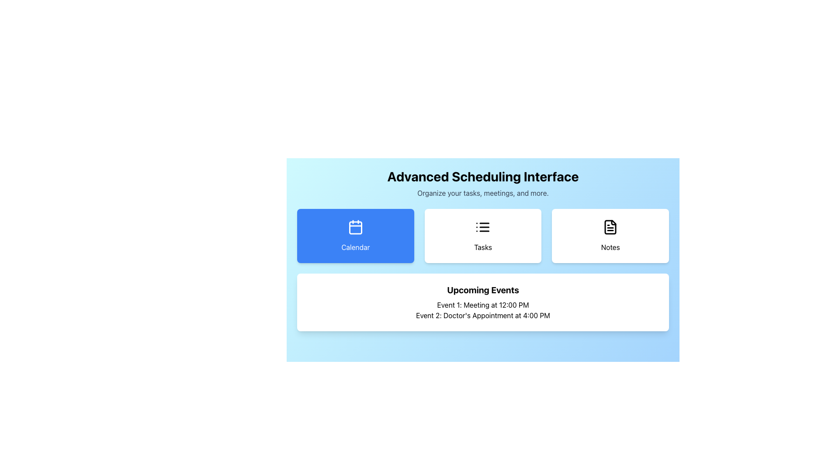  I want to click on static text label located centrally beneath the title 'Advanced Scheduling Interface', so click(482, 193).